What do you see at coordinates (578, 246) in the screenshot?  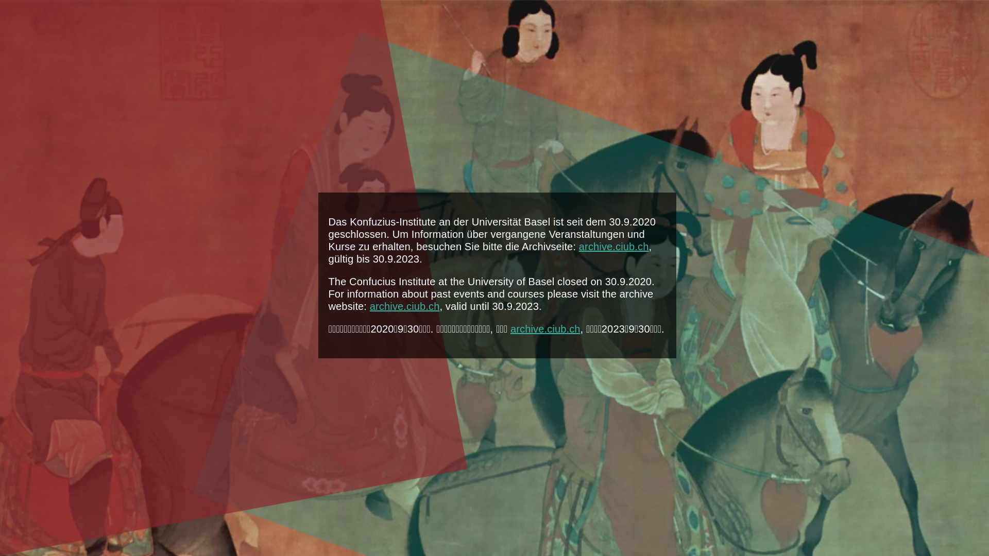 I see `'archive.ciub.ch'` at bounding box center [578, 246].